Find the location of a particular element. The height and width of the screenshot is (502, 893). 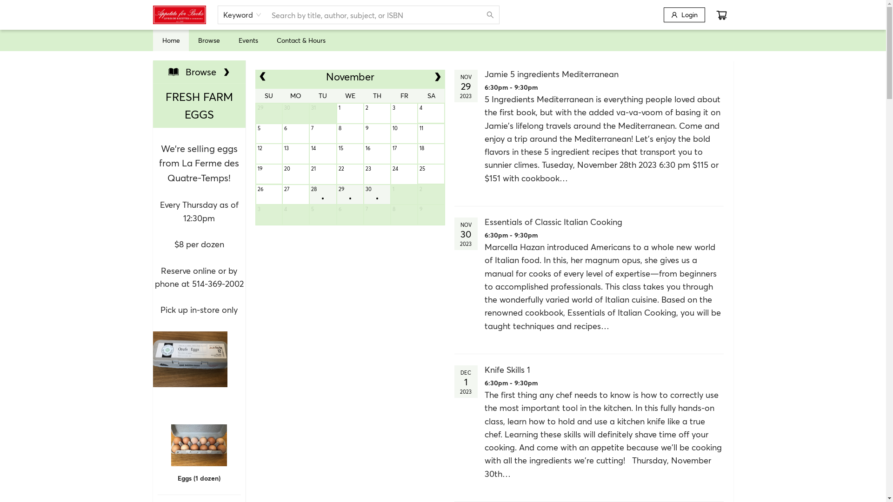

'  Browse  ' is located at coordinates (199, 71).